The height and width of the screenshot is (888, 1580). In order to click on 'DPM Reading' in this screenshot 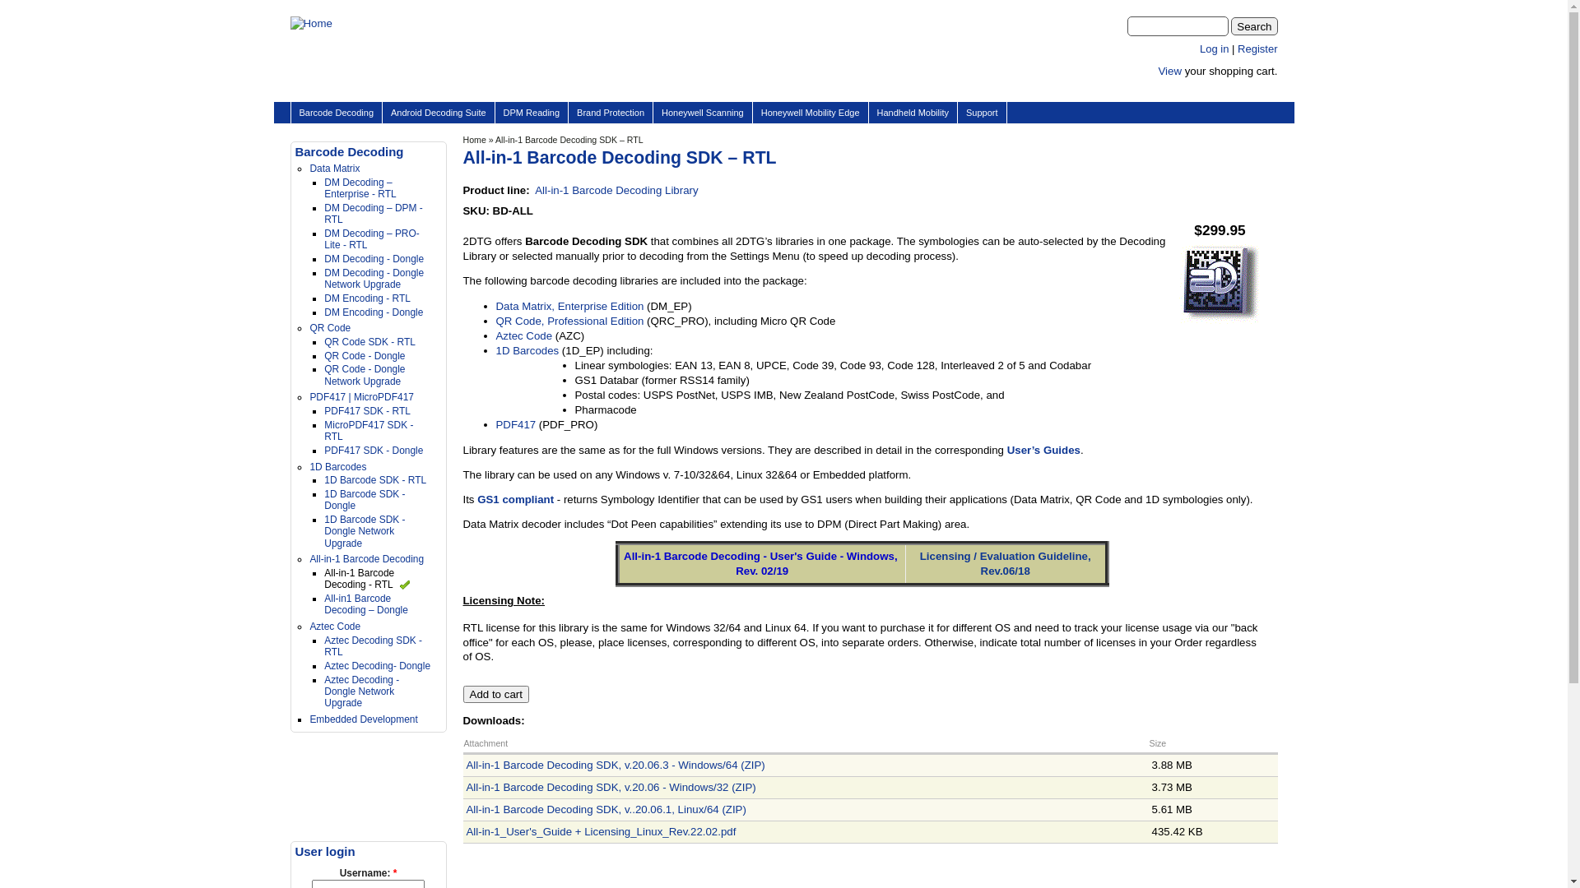, I will do `click(532, 112)`.